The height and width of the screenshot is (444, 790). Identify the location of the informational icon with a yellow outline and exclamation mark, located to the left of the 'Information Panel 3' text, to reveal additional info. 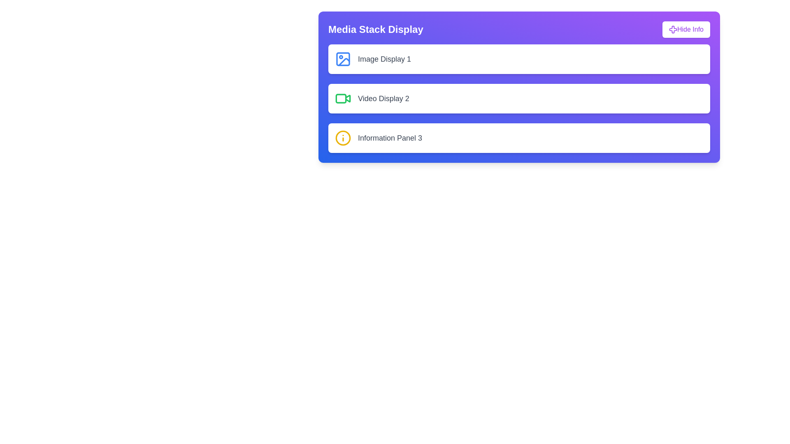
(343, 137).